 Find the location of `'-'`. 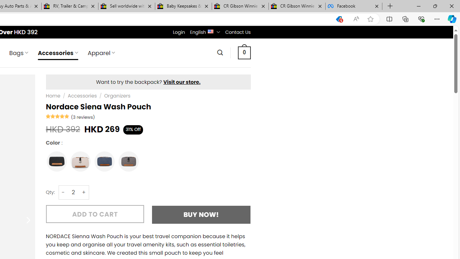

'-' is located at coordinates (63, 192).